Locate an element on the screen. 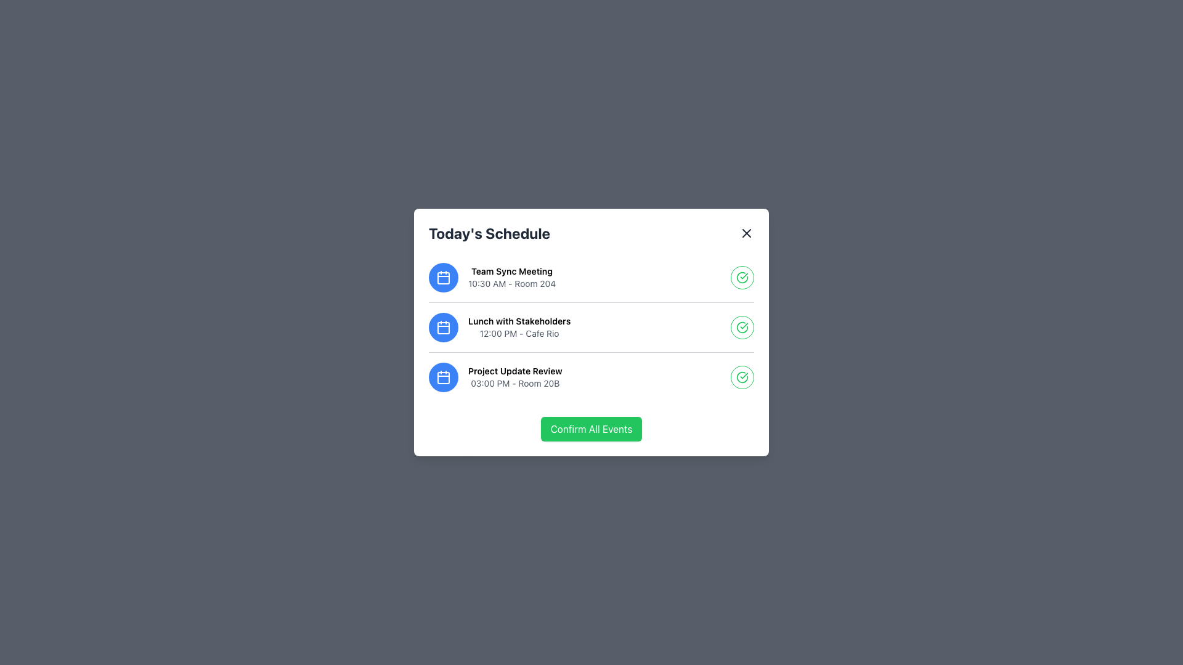 This screenshot has width=1183, height=665. text label displaying the time '12:00 PM' and location 'Cafe Rio' for the event under the 'Today's Schedule' section in the agenda is located at coordinates (519, 334).